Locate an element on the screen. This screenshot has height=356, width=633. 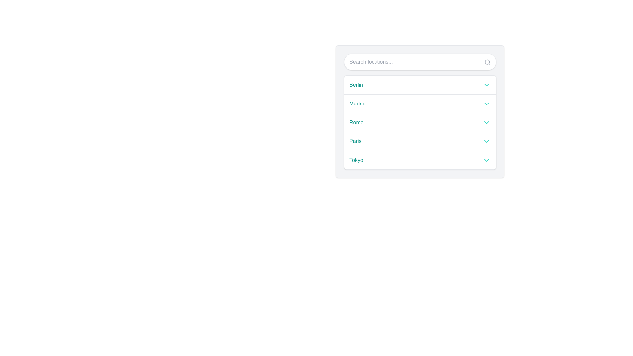
the dropdown list item for 'Rome' is located at coordinates (419, 122).